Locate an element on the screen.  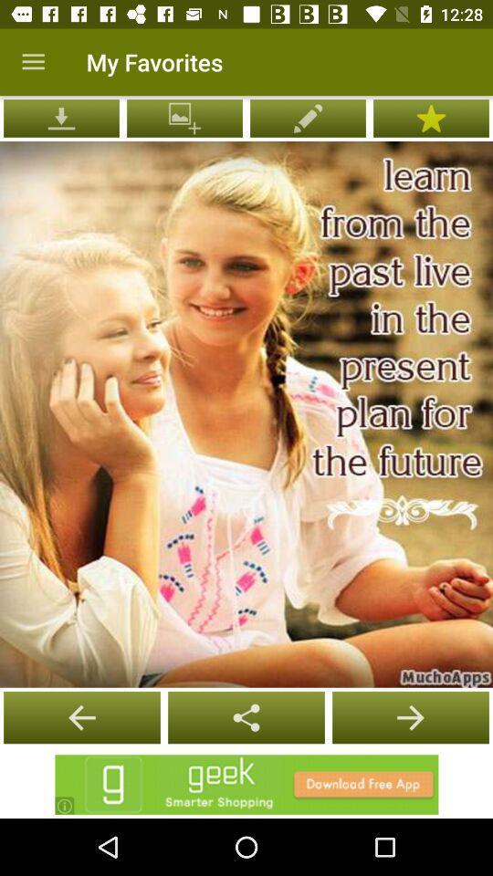
the arrow_backward icon is located at coordinates (246, 717).